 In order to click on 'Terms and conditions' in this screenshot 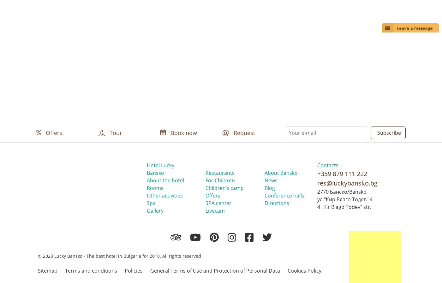, I will do `click(91, 270)`.